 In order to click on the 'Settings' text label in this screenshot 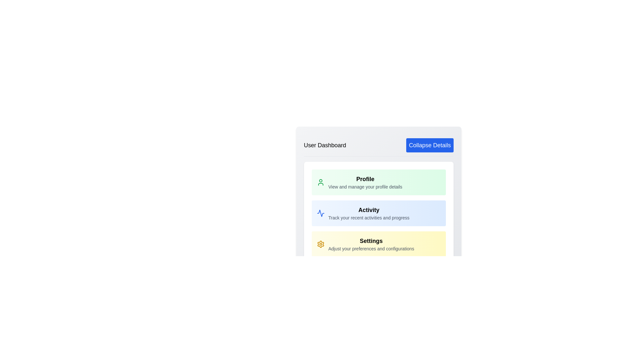, I will do `click(371, 241)`.